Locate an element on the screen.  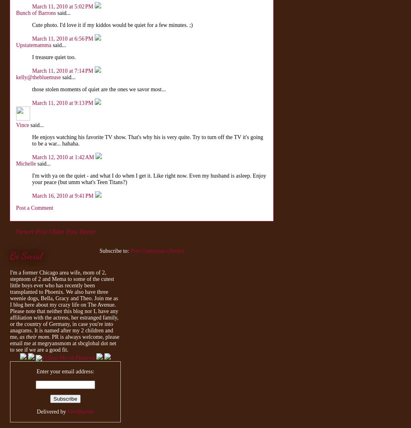
'March 11, 2010 at 9:13 PM' is located at coordinates (63, 102).